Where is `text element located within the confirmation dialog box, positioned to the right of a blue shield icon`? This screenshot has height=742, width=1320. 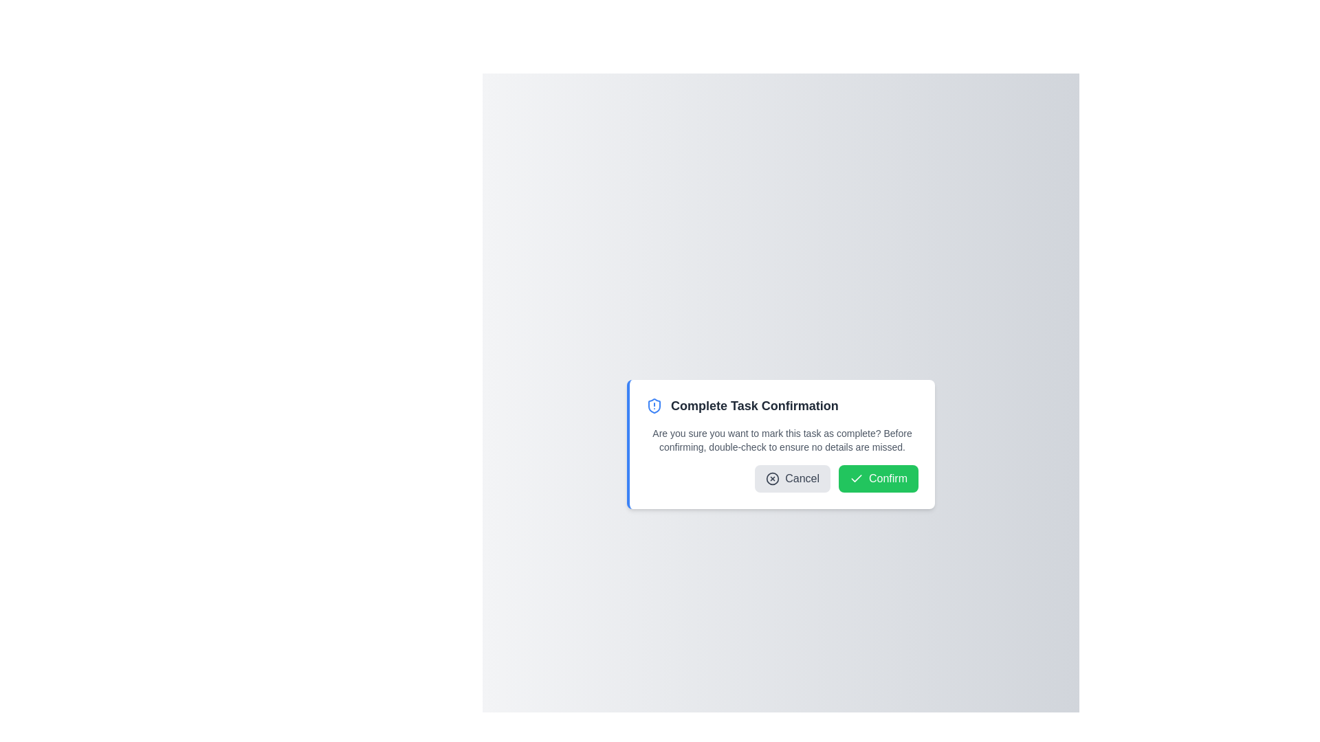
text element located within the confirmation dialog box, positioned to the right of a blue shield icon is located at coordinates (753, 405).